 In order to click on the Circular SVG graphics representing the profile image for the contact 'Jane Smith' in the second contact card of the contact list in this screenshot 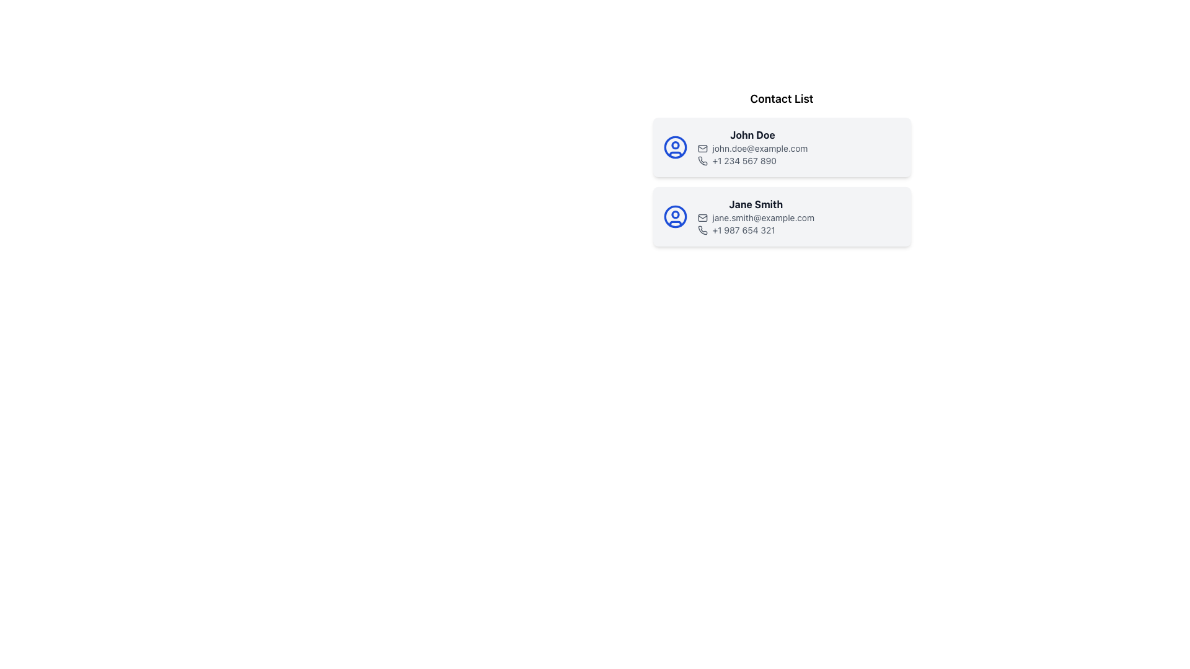, I will do `click(674, 216)`.